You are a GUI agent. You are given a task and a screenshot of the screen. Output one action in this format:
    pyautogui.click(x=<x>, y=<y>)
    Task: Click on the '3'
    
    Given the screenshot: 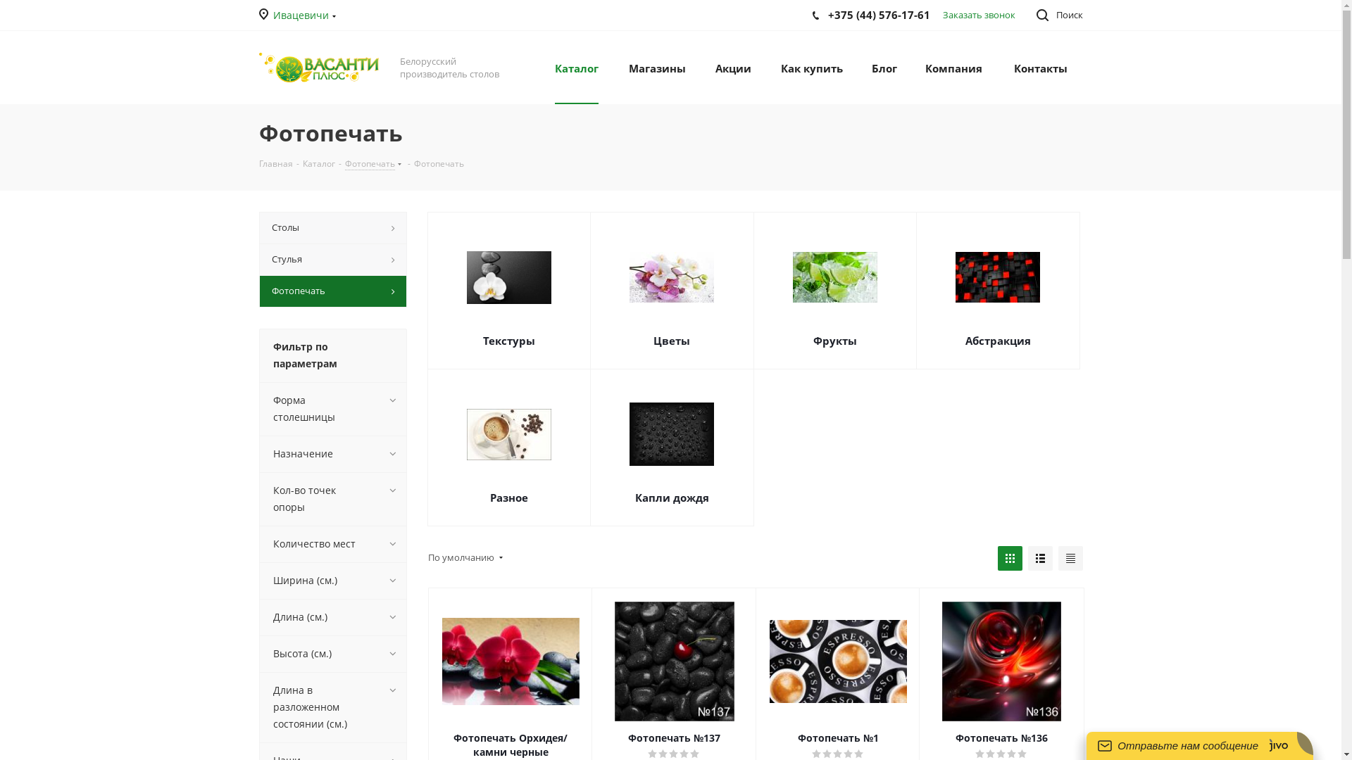 What is the action you would take?
    pyautogui.click(x=1001, y=754)
    